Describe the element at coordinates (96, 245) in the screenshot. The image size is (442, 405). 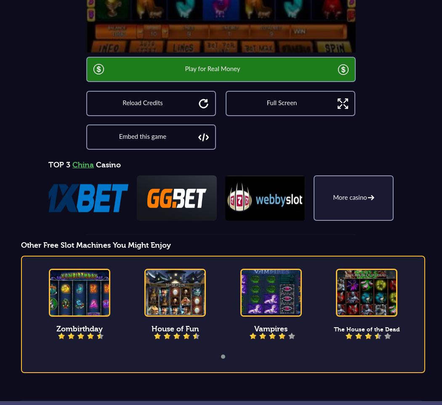
I see `'Other Free Slot Machines You Might Enjoy'` at that location.